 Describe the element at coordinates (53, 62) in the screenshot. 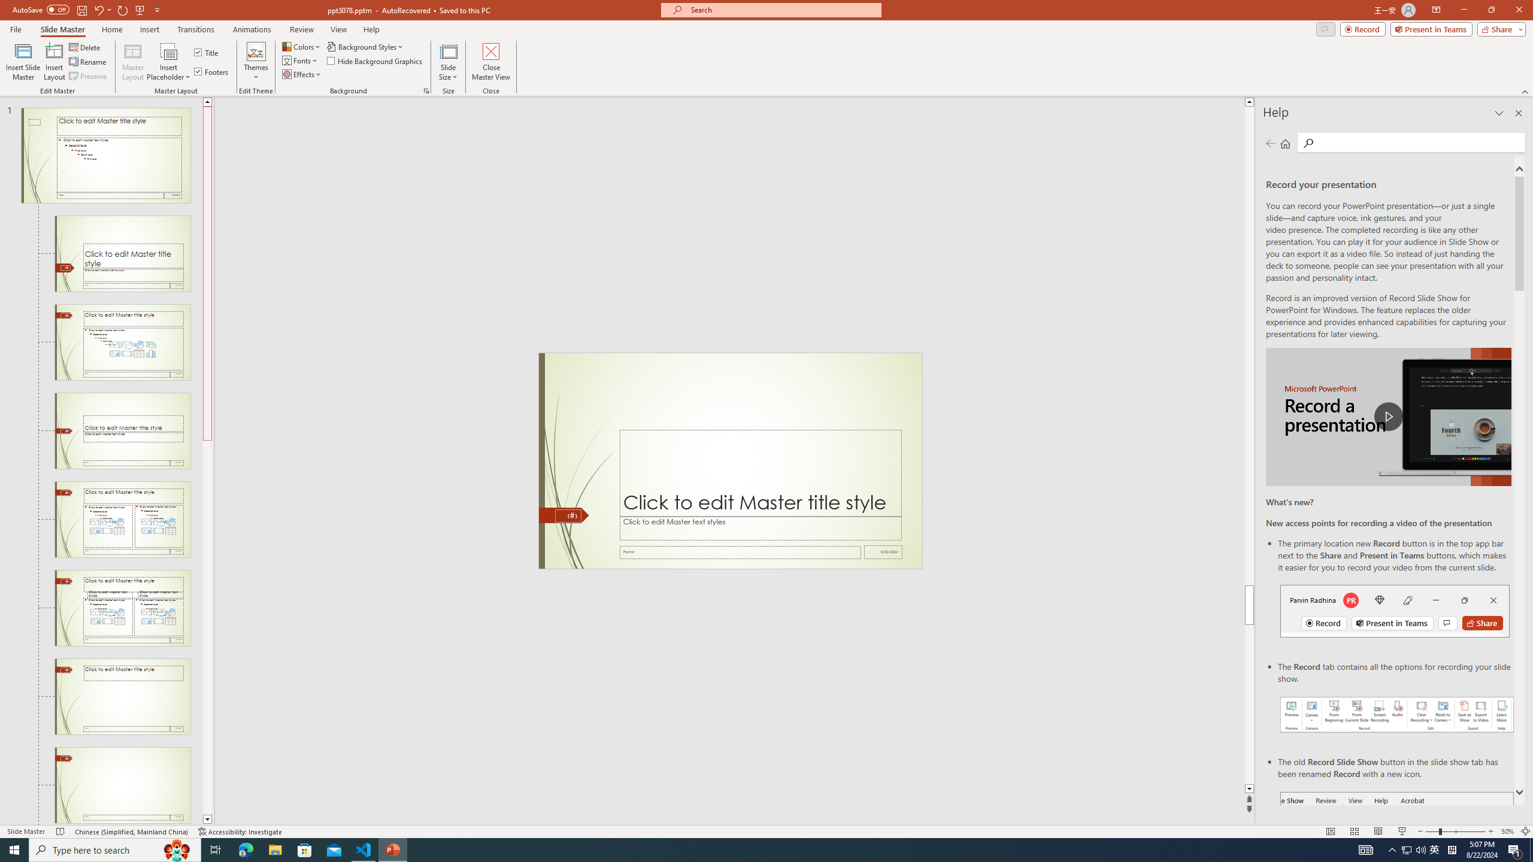

I see `'Insert Layout'` at that location.